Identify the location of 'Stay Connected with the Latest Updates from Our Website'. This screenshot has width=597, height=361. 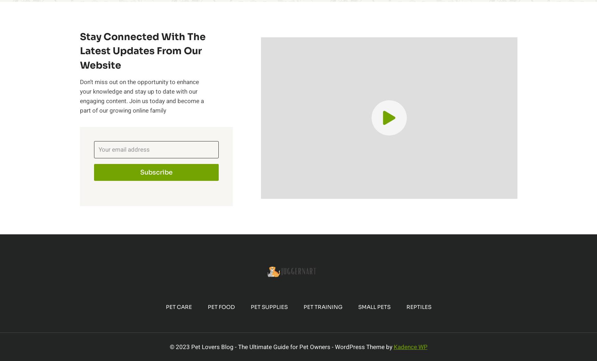
(79, 51).